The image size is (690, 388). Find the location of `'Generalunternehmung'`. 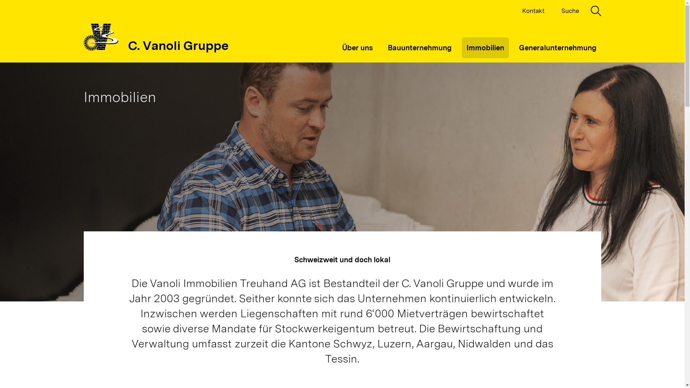

'Generalunternehmung' is located at coordinates (557, 47).